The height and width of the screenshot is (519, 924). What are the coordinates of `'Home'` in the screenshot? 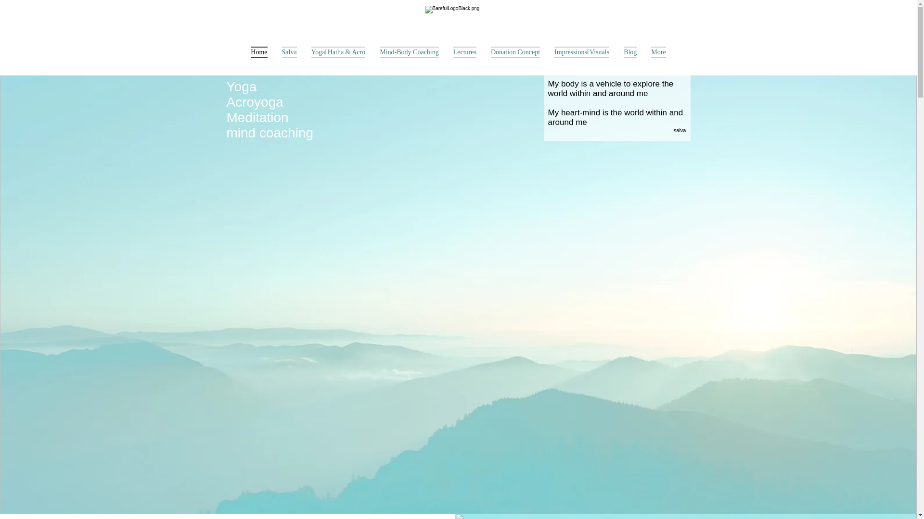 It's located at (258, 59).